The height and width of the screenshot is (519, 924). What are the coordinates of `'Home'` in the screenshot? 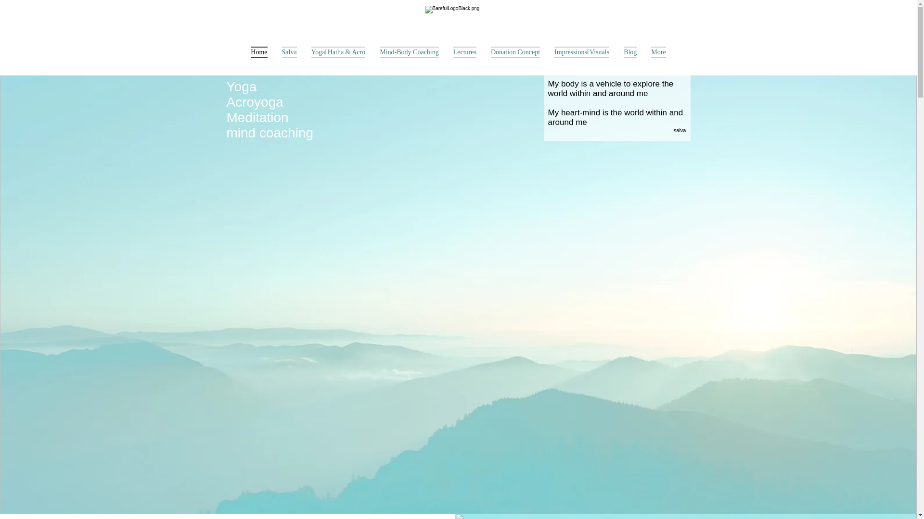 It's located at (258, 59).